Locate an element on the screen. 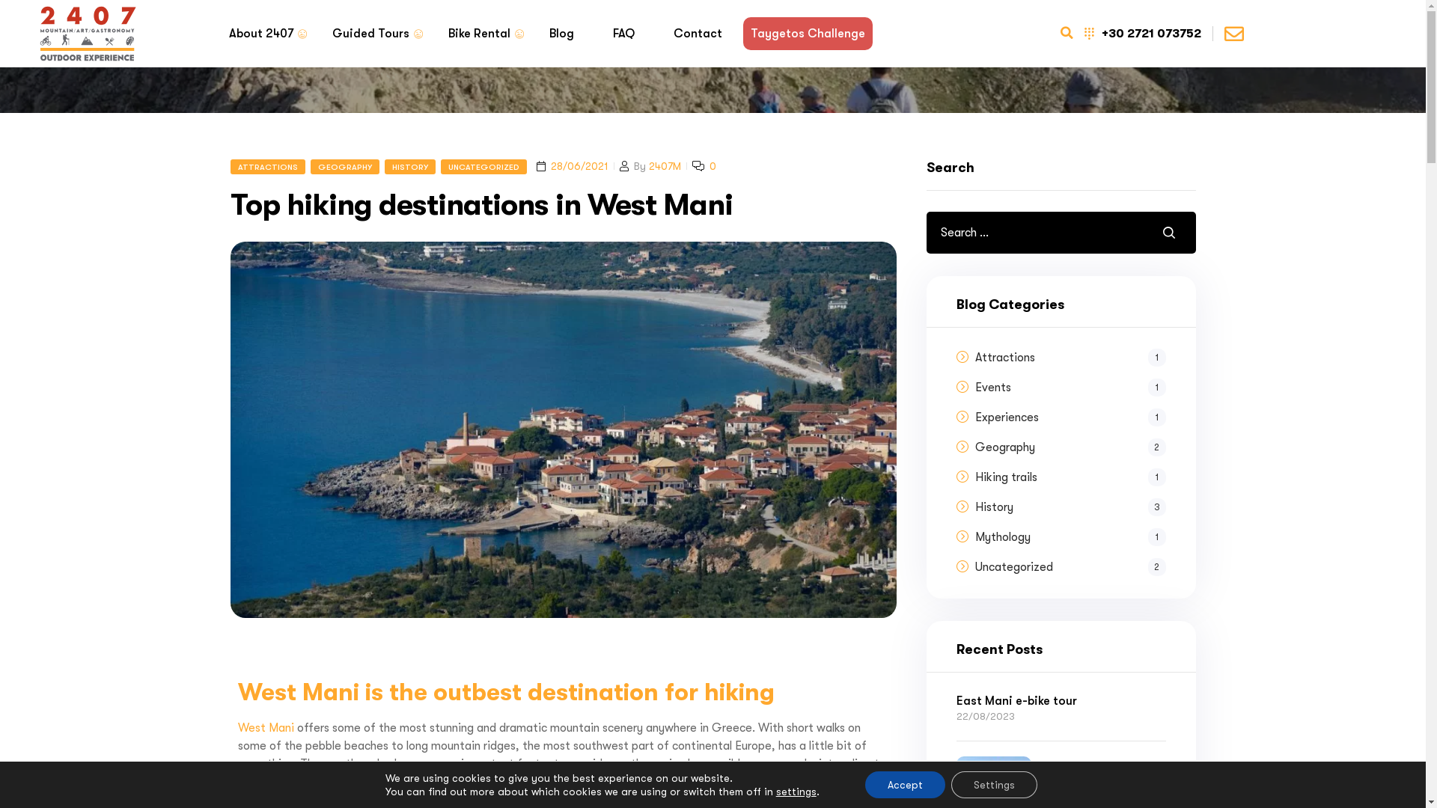  'GEOGRAPHY' is located at coordinates (344, 167).